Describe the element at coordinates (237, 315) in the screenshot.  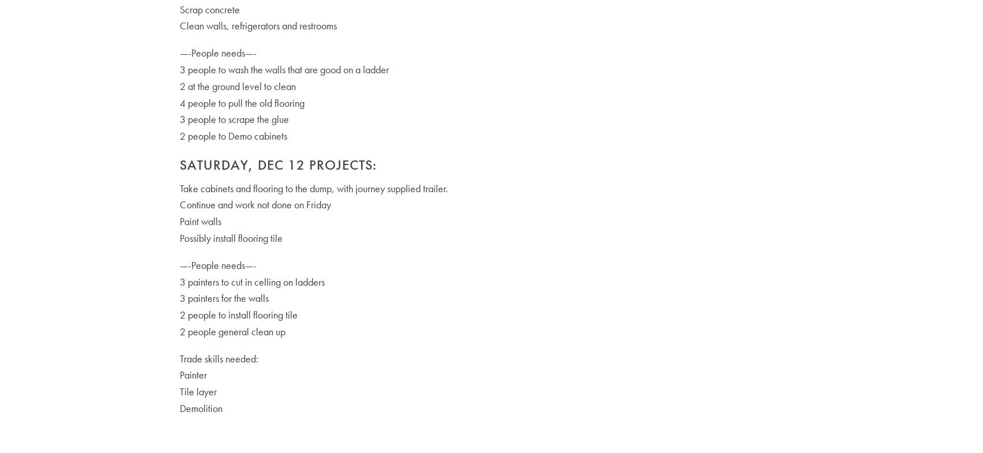
I see `'2 people to install flooring tile'` at that location.